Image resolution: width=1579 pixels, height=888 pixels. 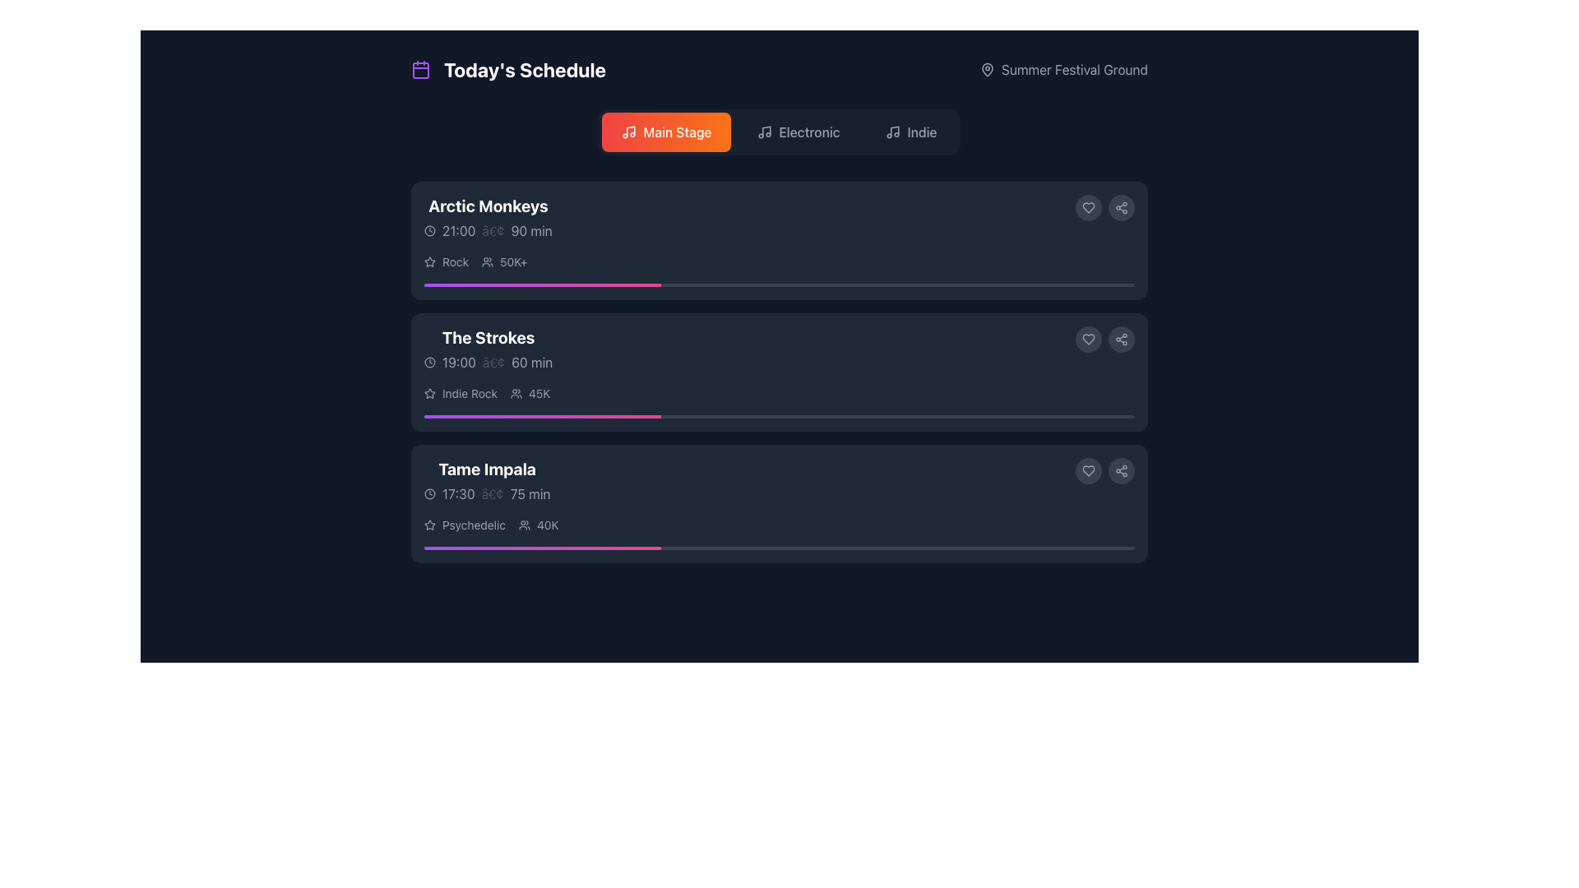 I want to click on the 'Electronic' filter button located in the upper center of the interface below the title 'Today's Schedule', so click(x=778, y=132).